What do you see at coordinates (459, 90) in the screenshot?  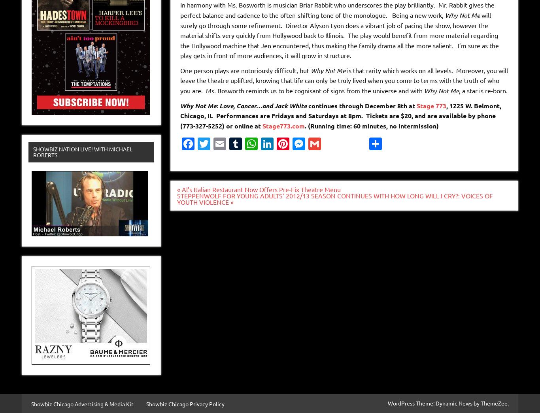 I see `', a star is re-born.'` at bounding box center [459, 90].